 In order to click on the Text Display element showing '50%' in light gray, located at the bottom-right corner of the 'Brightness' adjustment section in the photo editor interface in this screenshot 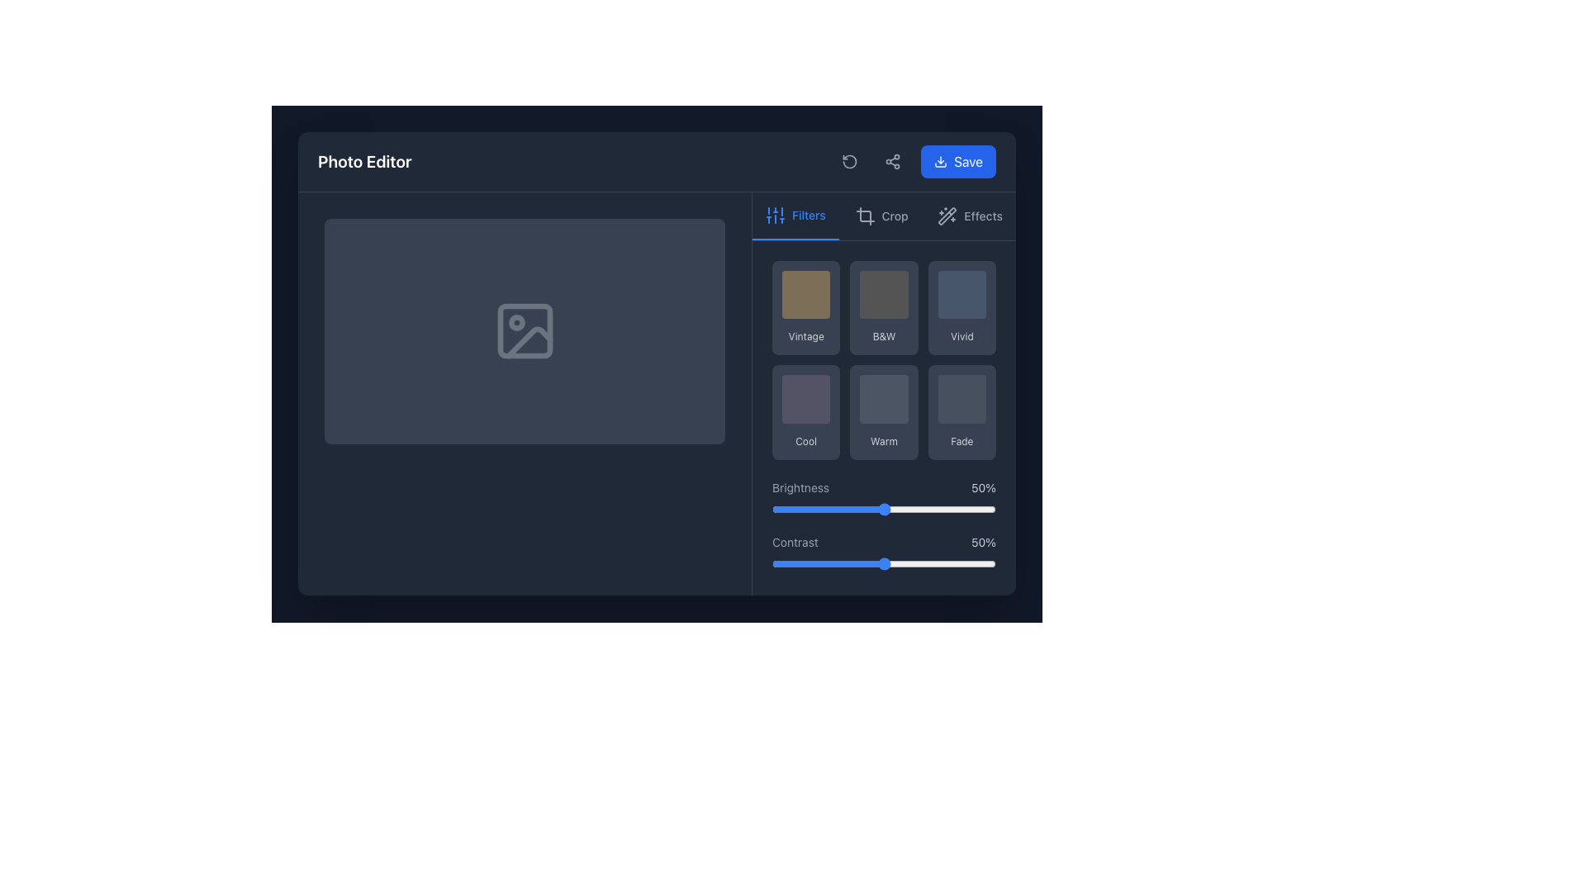, I will do `click(983, 486)`.